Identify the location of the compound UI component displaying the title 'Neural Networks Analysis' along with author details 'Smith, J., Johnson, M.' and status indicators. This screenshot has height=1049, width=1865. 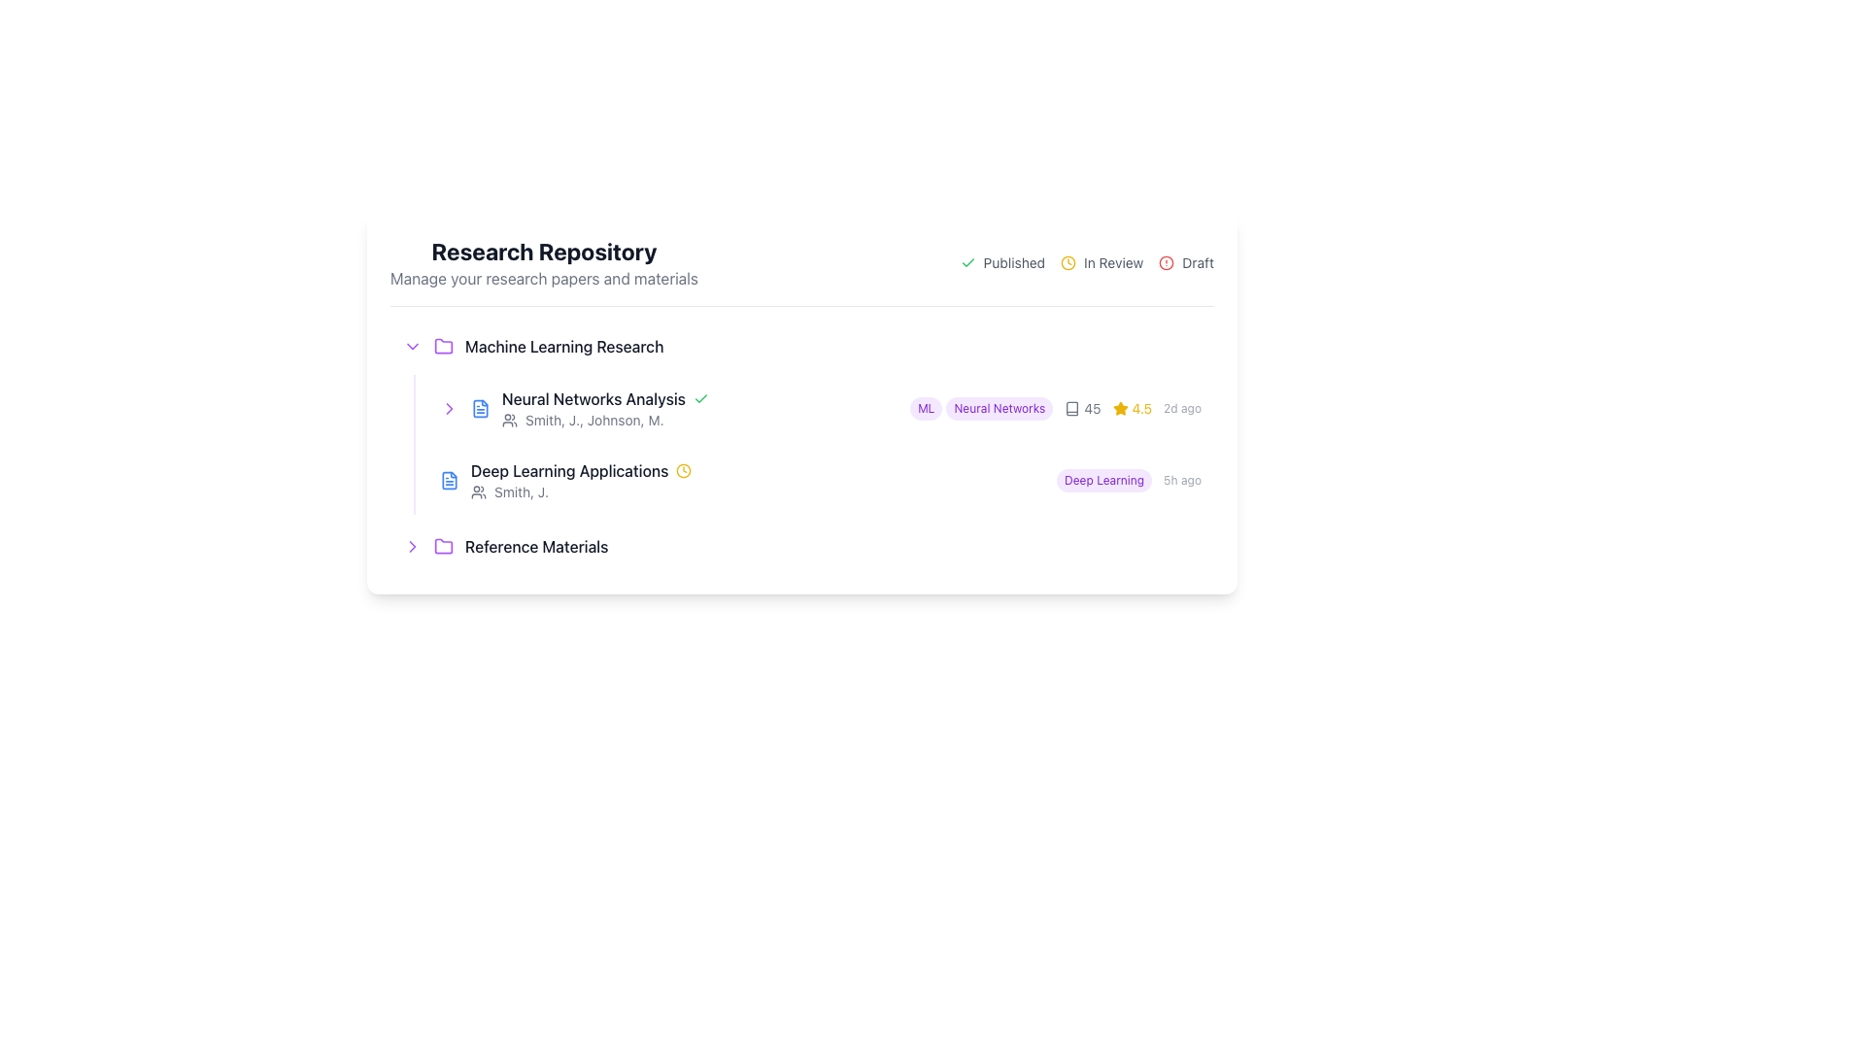
(699, 407).